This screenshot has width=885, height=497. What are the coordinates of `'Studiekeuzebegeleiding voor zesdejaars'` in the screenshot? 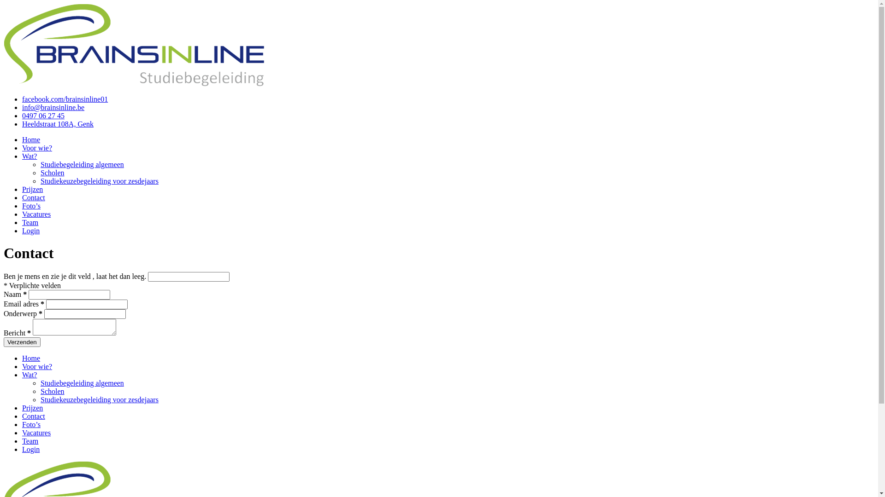 It's located at (100, 399).